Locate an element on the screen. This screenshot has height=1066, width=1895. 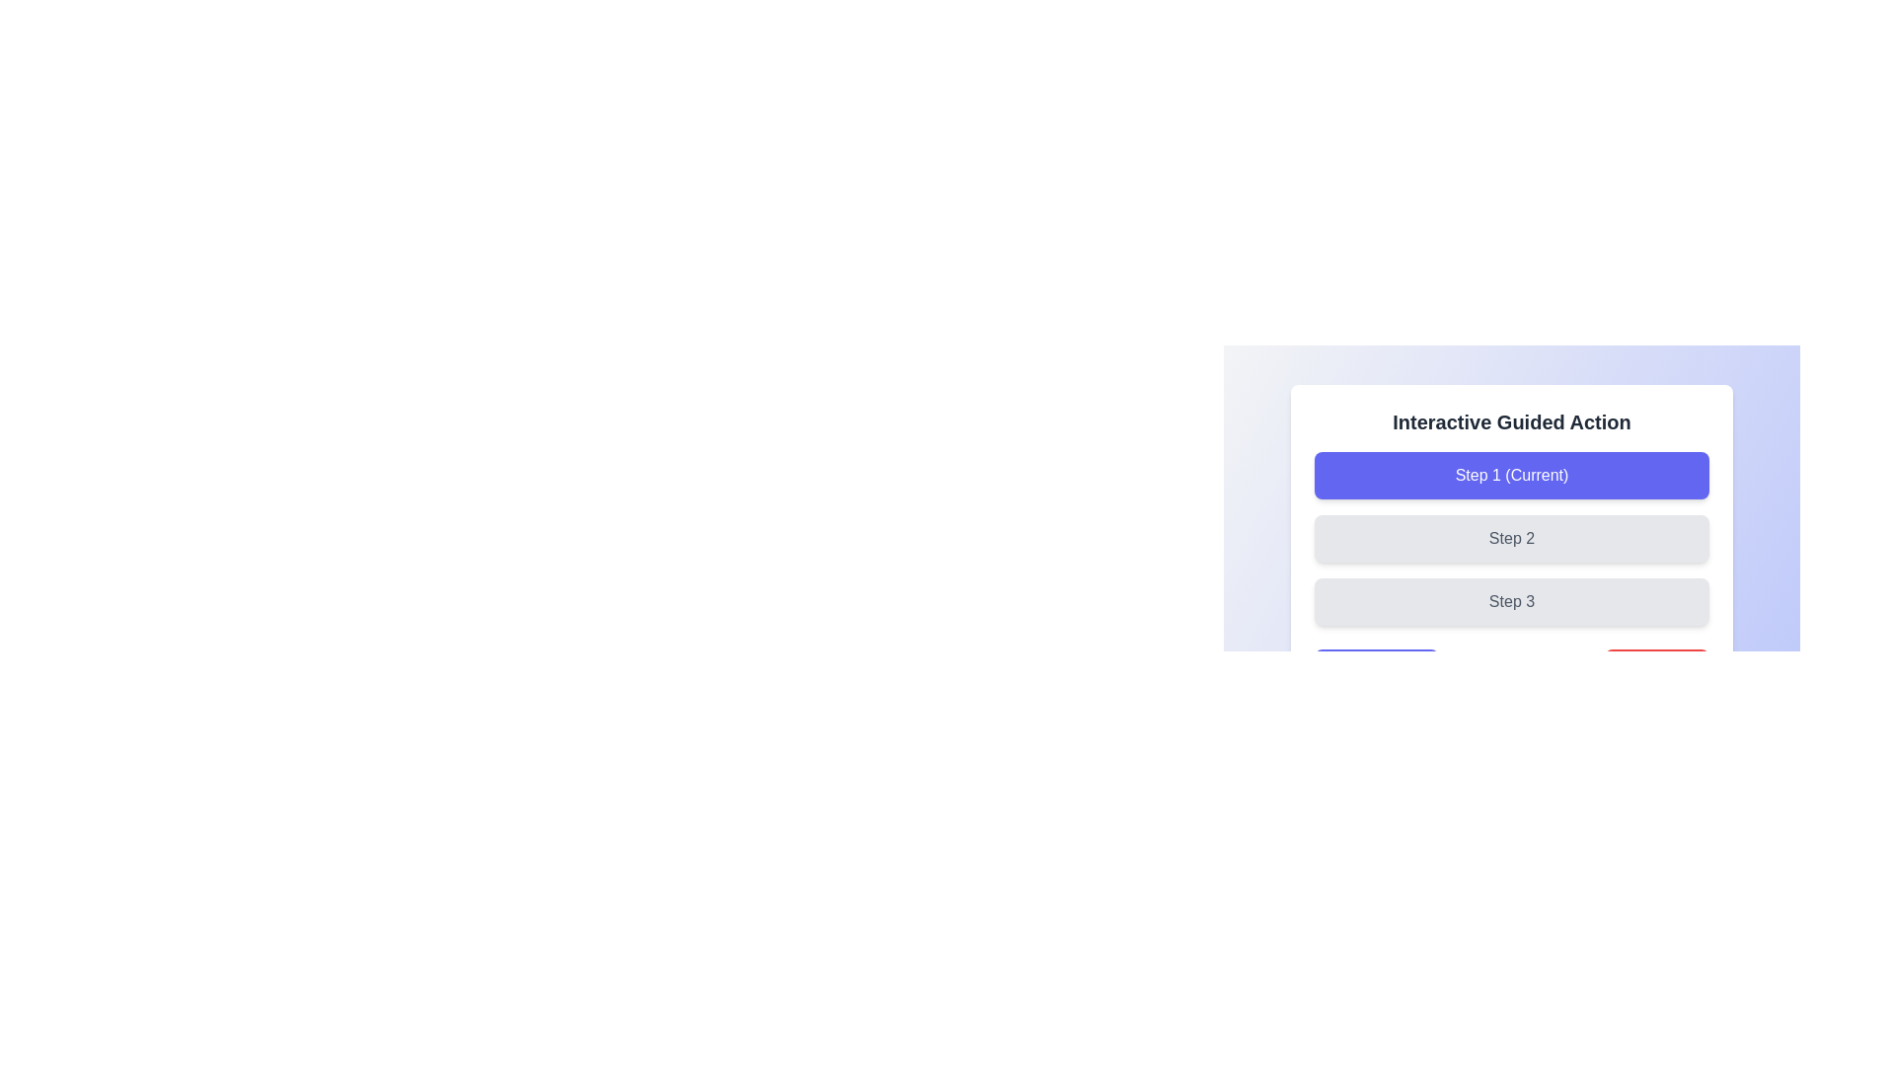
the Step indicator group that shows 'Step 1 (Current)', 'Step 2', and 'Step 3', indicating the current step in the multi-step process is located at coordinates (1510, 539).